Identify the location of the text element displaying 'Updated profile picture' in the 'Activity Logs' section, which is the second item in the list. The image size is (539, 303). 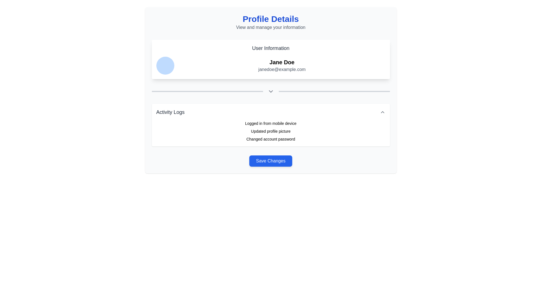
(271, 131).